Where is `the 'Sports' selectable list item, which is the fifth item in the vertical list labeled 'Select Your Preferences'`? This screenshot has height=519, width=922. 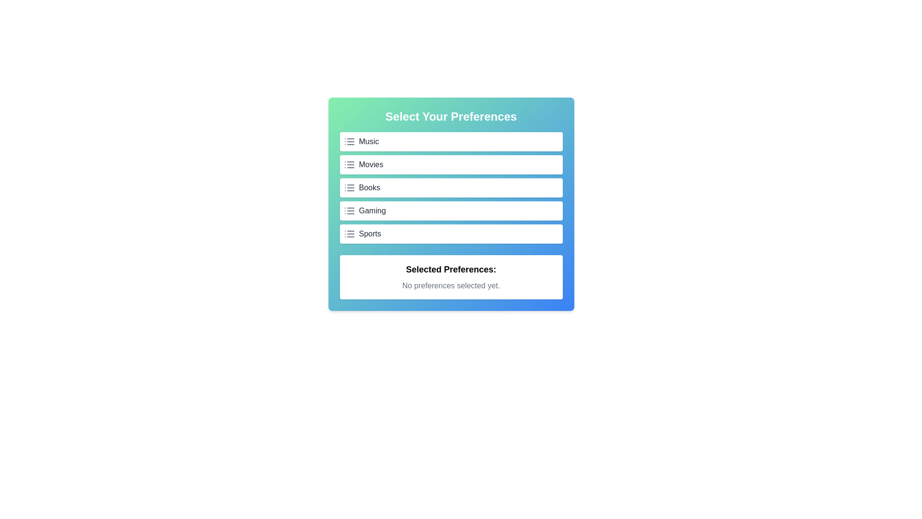 the 'Sports' selectable list item, which is the fifth item in the vertical list labeled 'Select Your Preferences' is located at coordinates (369, 234).